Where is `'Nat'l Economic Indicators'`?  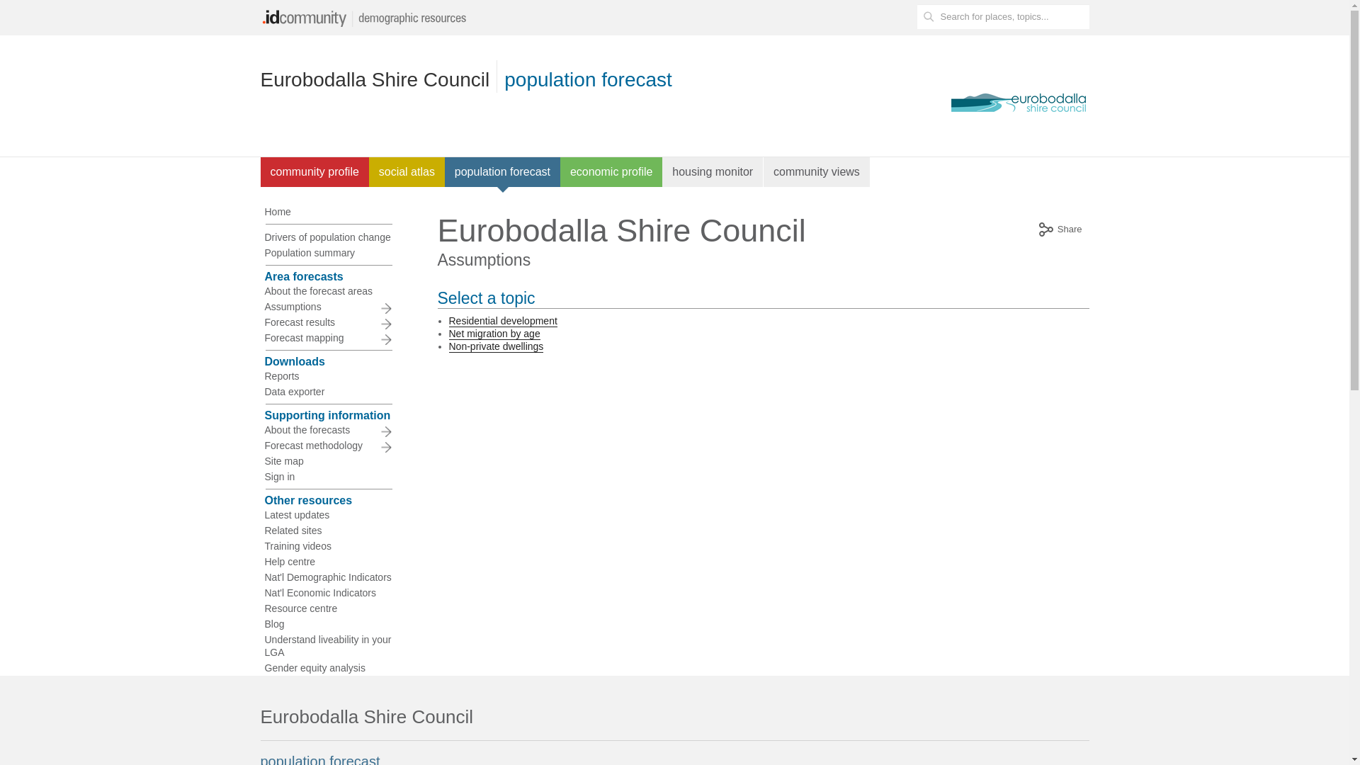
'Nat'l Economic Indicators' is located at coordinates (261, 593).